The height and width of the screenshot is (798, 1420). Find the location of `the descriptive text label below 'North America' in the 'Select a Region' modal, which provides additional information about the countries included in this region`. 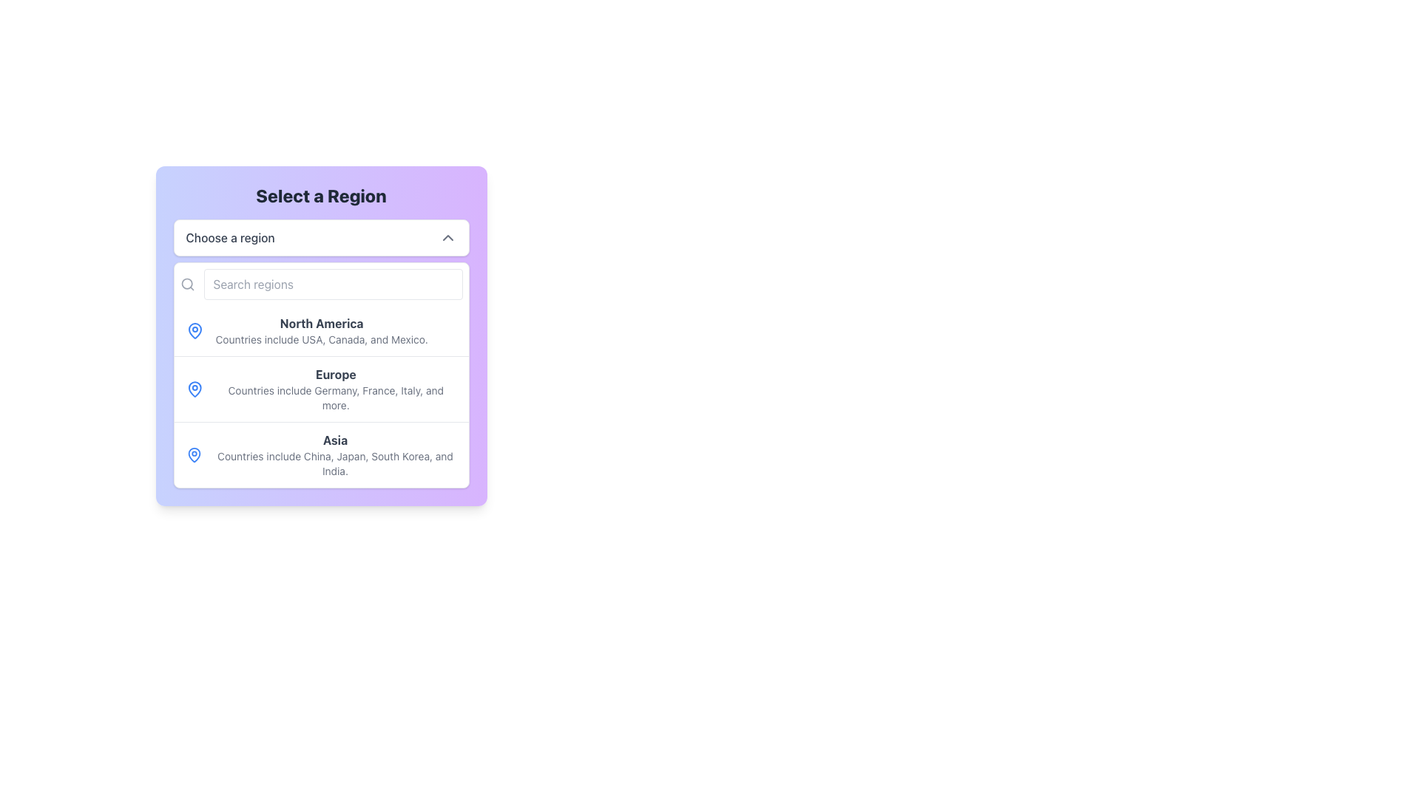

the descriptive text label below 'North America' in the 'Select a Region' modal, which provides additional information about the countries included in this region is located at coordinates (321, 339).